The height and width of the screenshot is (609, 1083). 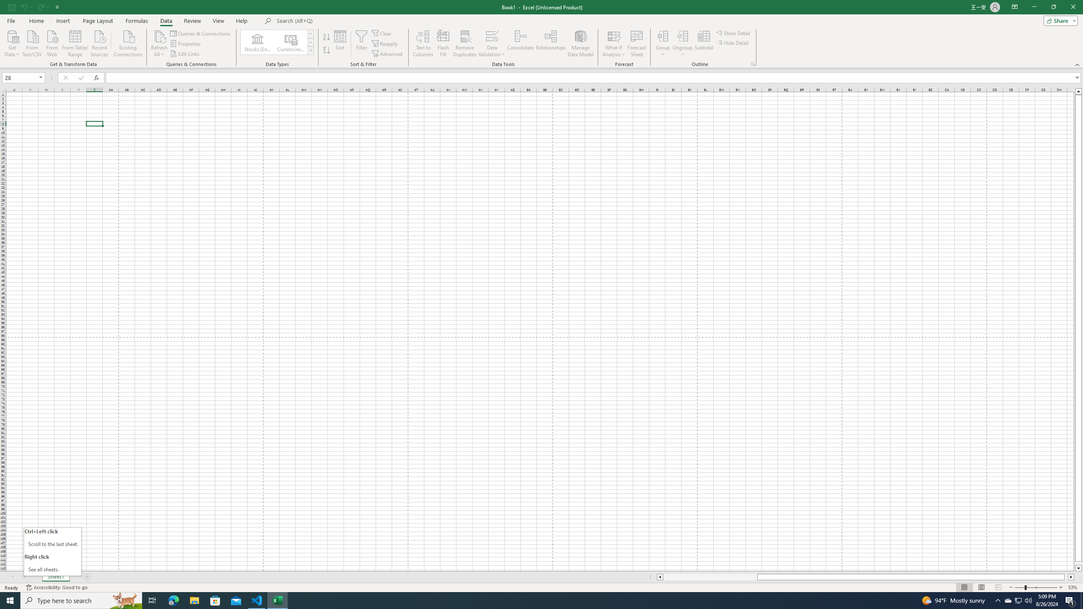 What do you see at coordinates (521, 44) in the screenshot?
I see `'Consolidate...'` at bounding box center [521, 44].